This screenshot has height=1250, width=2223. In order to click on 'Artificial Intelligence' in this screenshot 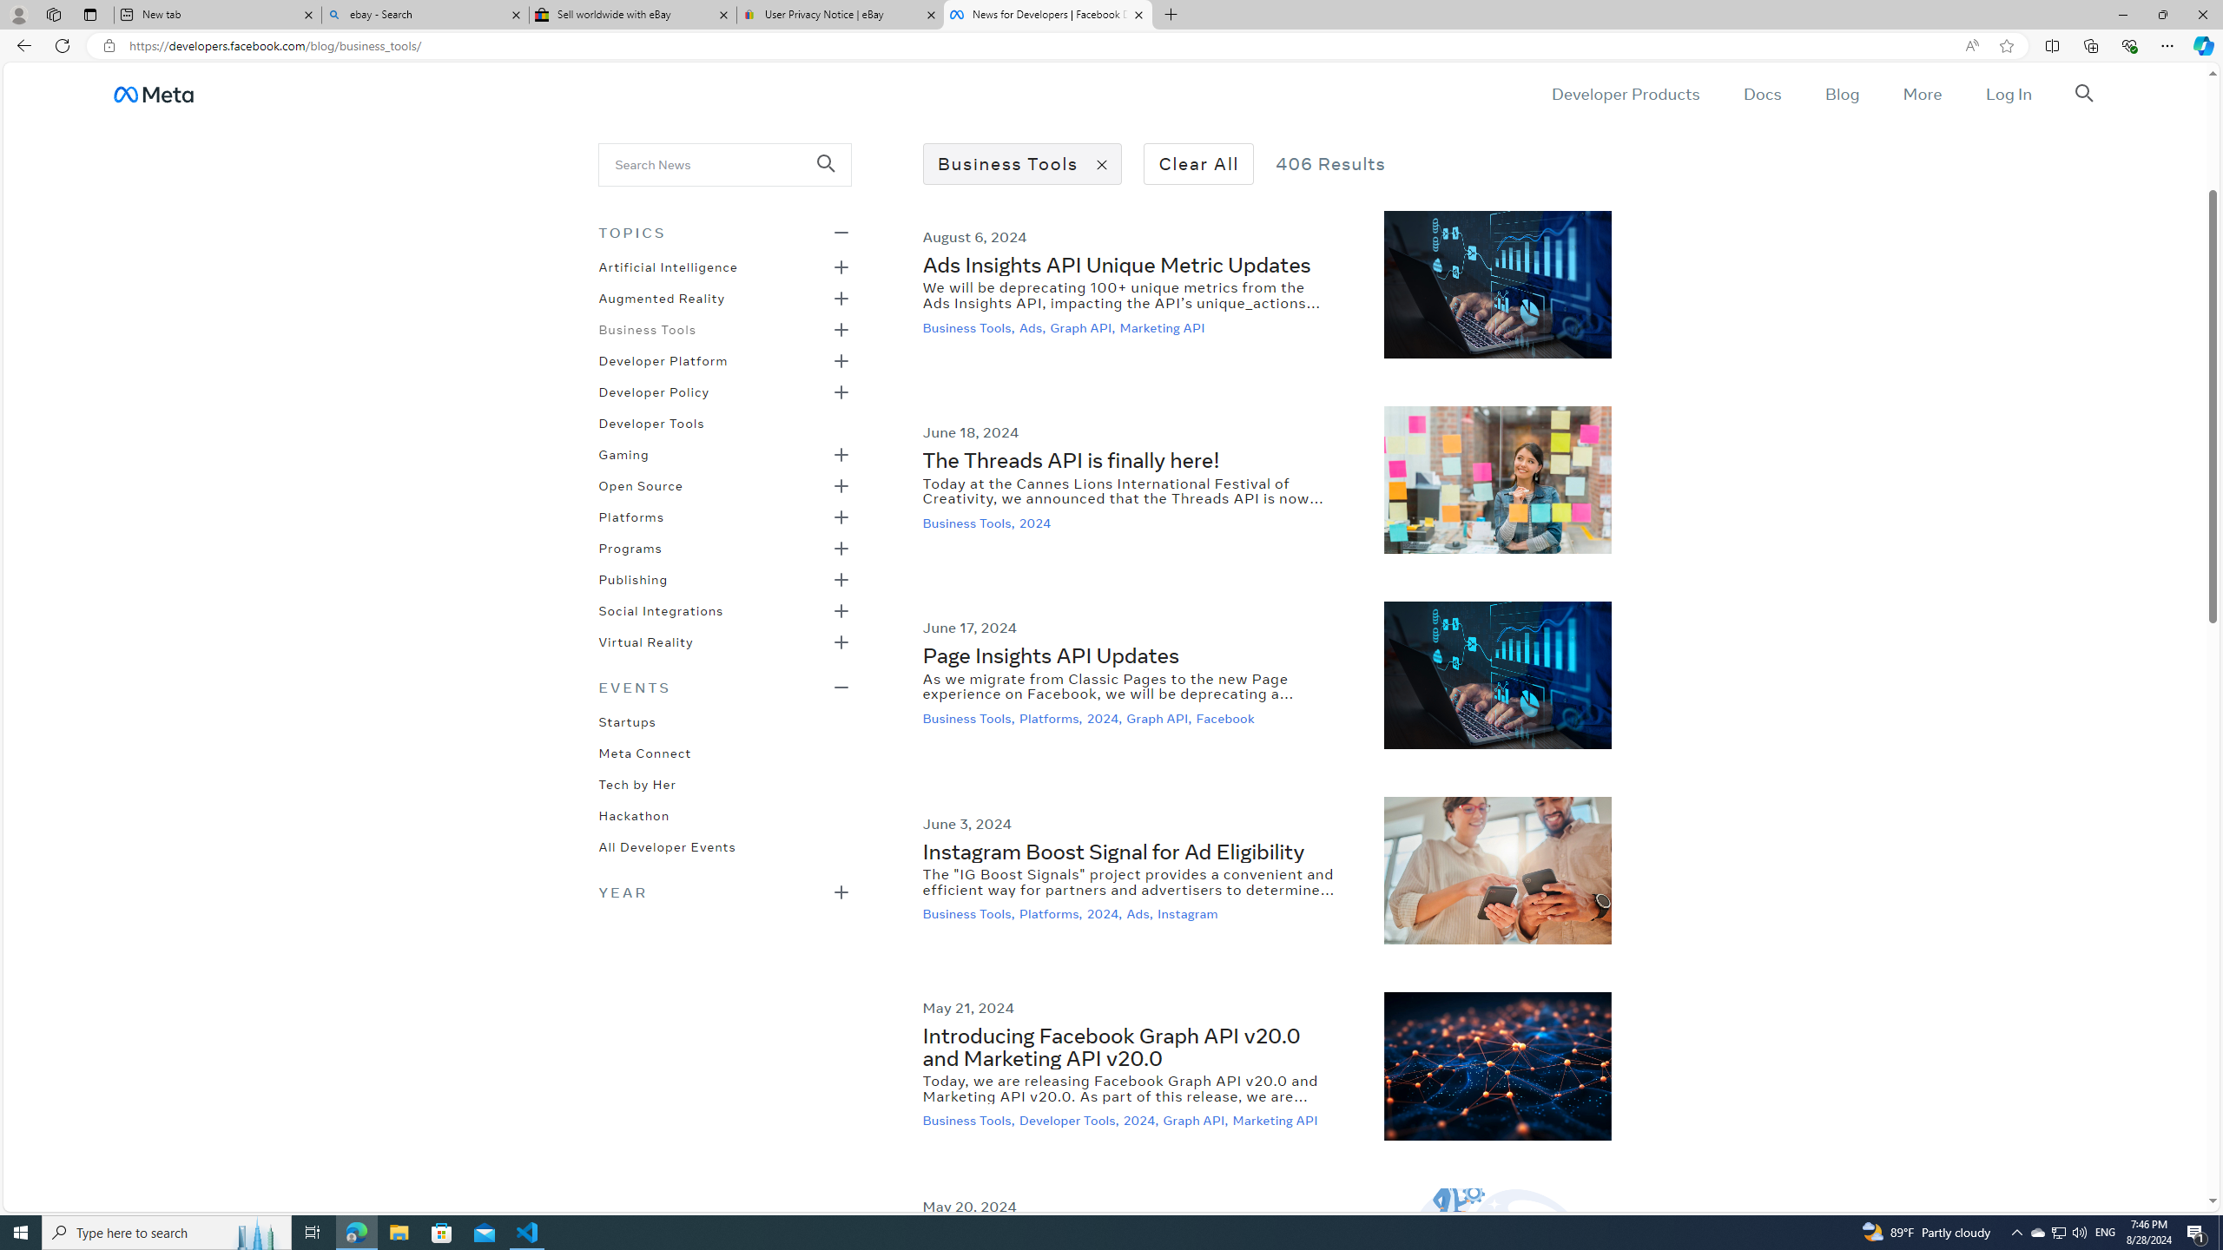, I will do `click(668, 266)`.